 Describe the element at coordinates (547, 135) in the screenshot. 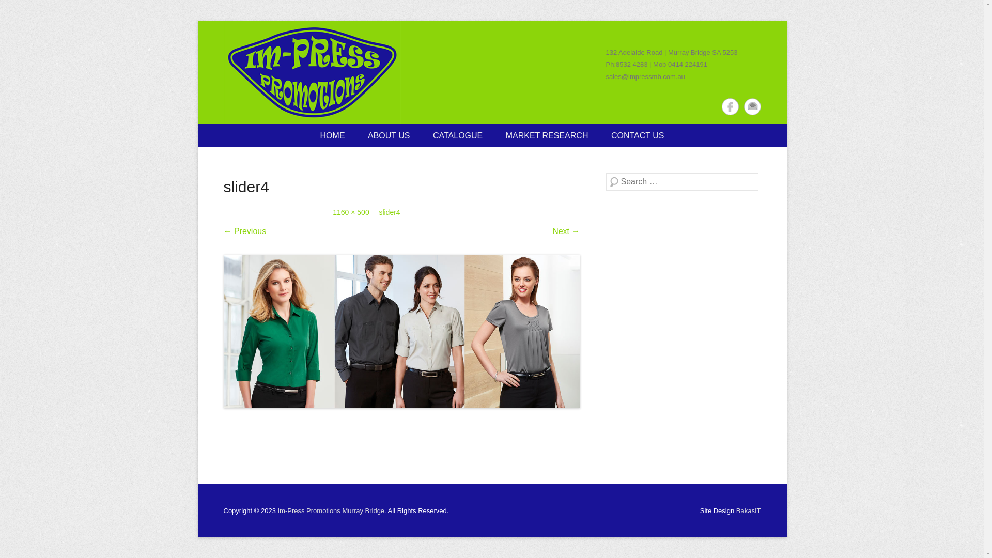

I see `'MARKET RESEARCH'` at that location.